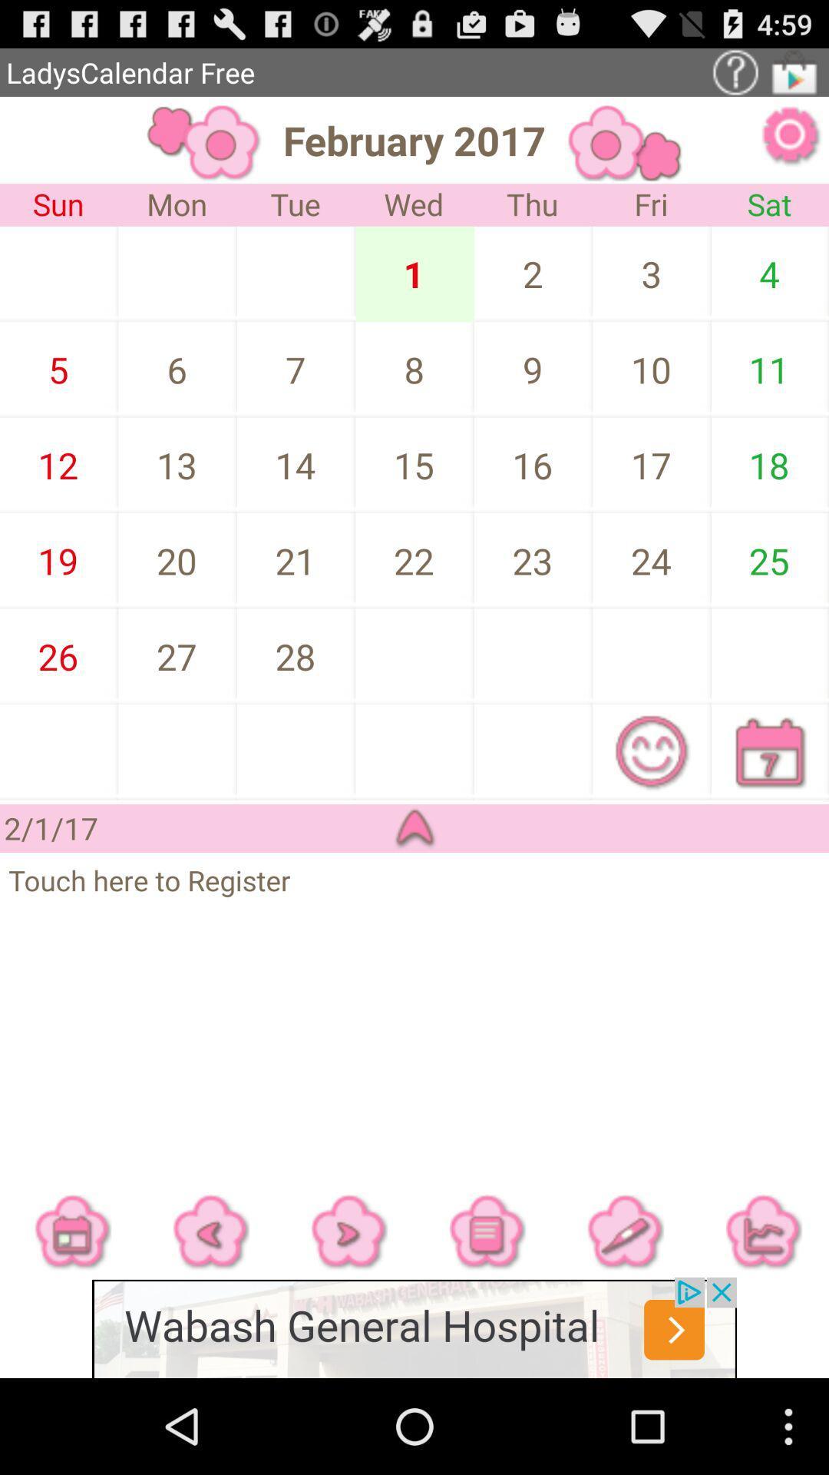 The width and height of the screenshot is (829, 1475). Describe the element at coordinates (735, 77) in the screenshot. I see `the help icon` at that location.